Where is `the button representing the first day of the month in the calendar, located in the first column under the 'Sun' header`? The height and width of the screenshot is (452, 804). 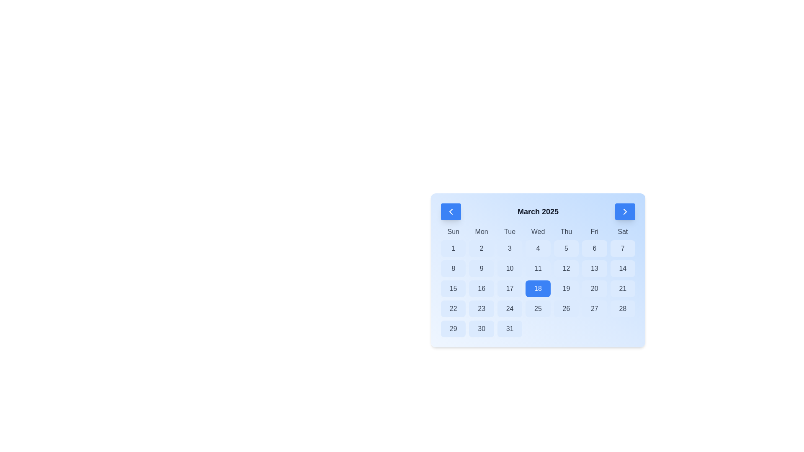 the button representing the first day of the month in the calendar, located in the first column under the 'Sun' header is located at coordinates (453, 248).